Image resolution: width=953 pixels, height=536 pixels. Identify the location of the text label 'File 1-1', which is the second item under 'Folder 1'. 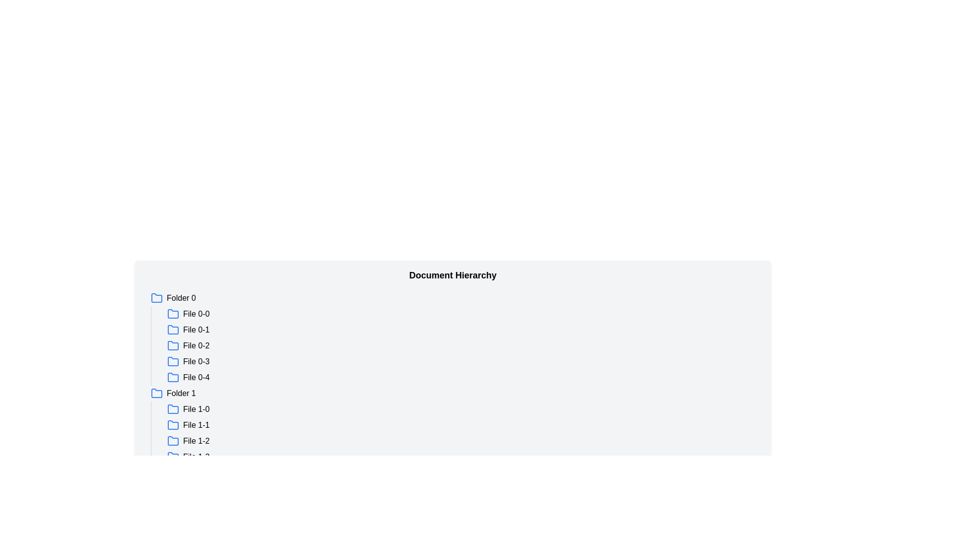
(196, 424).